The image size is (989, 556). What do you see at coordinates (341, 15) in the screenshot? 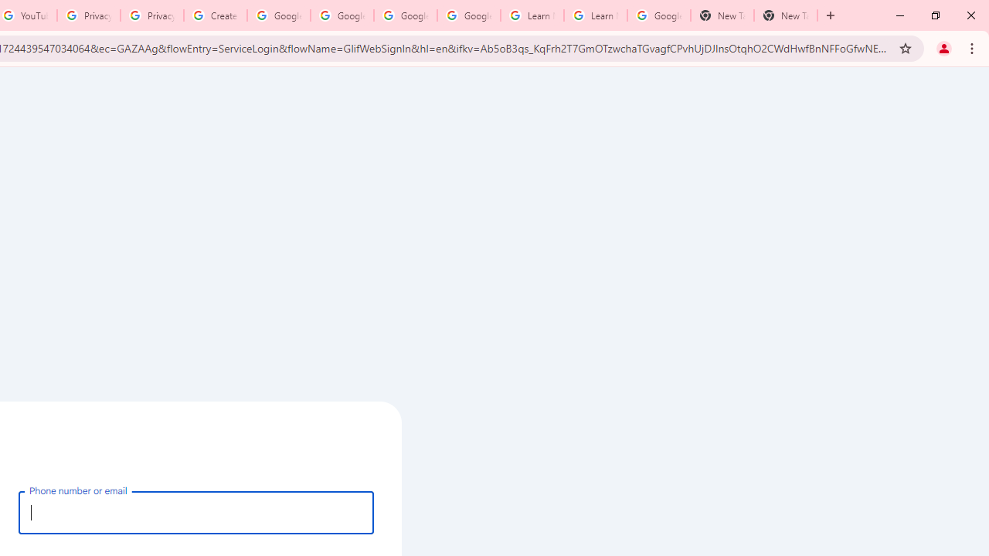
I see `'Google Account Help'` at bounding box center [341, 15].